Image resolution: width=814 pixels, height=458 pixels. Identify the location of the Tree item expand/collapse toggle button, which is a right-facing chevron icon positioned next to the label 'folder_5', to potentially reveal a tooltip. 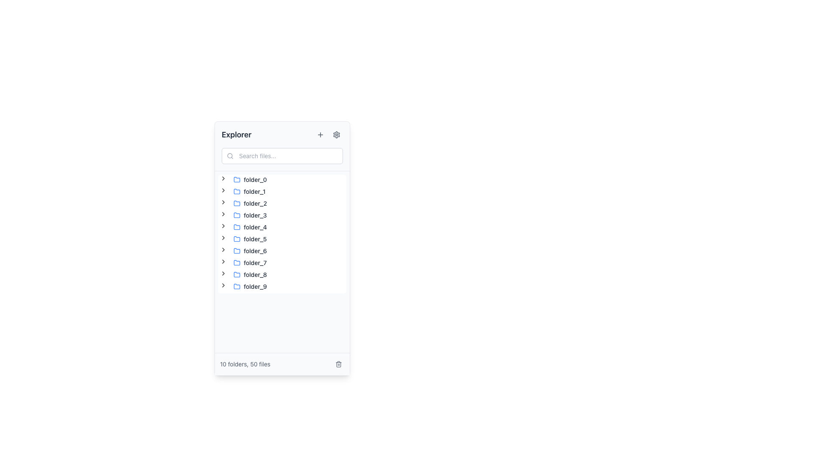
(223, 239).